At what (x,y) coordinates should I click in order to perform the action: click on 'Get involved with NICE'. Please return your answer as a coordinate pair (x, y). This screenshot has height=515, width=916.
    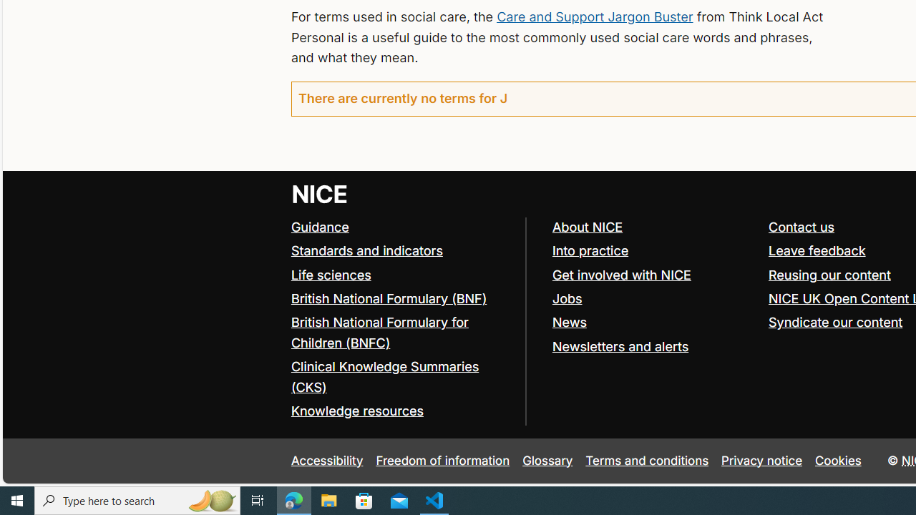
    Looking at the image, I should click on (621, 275).